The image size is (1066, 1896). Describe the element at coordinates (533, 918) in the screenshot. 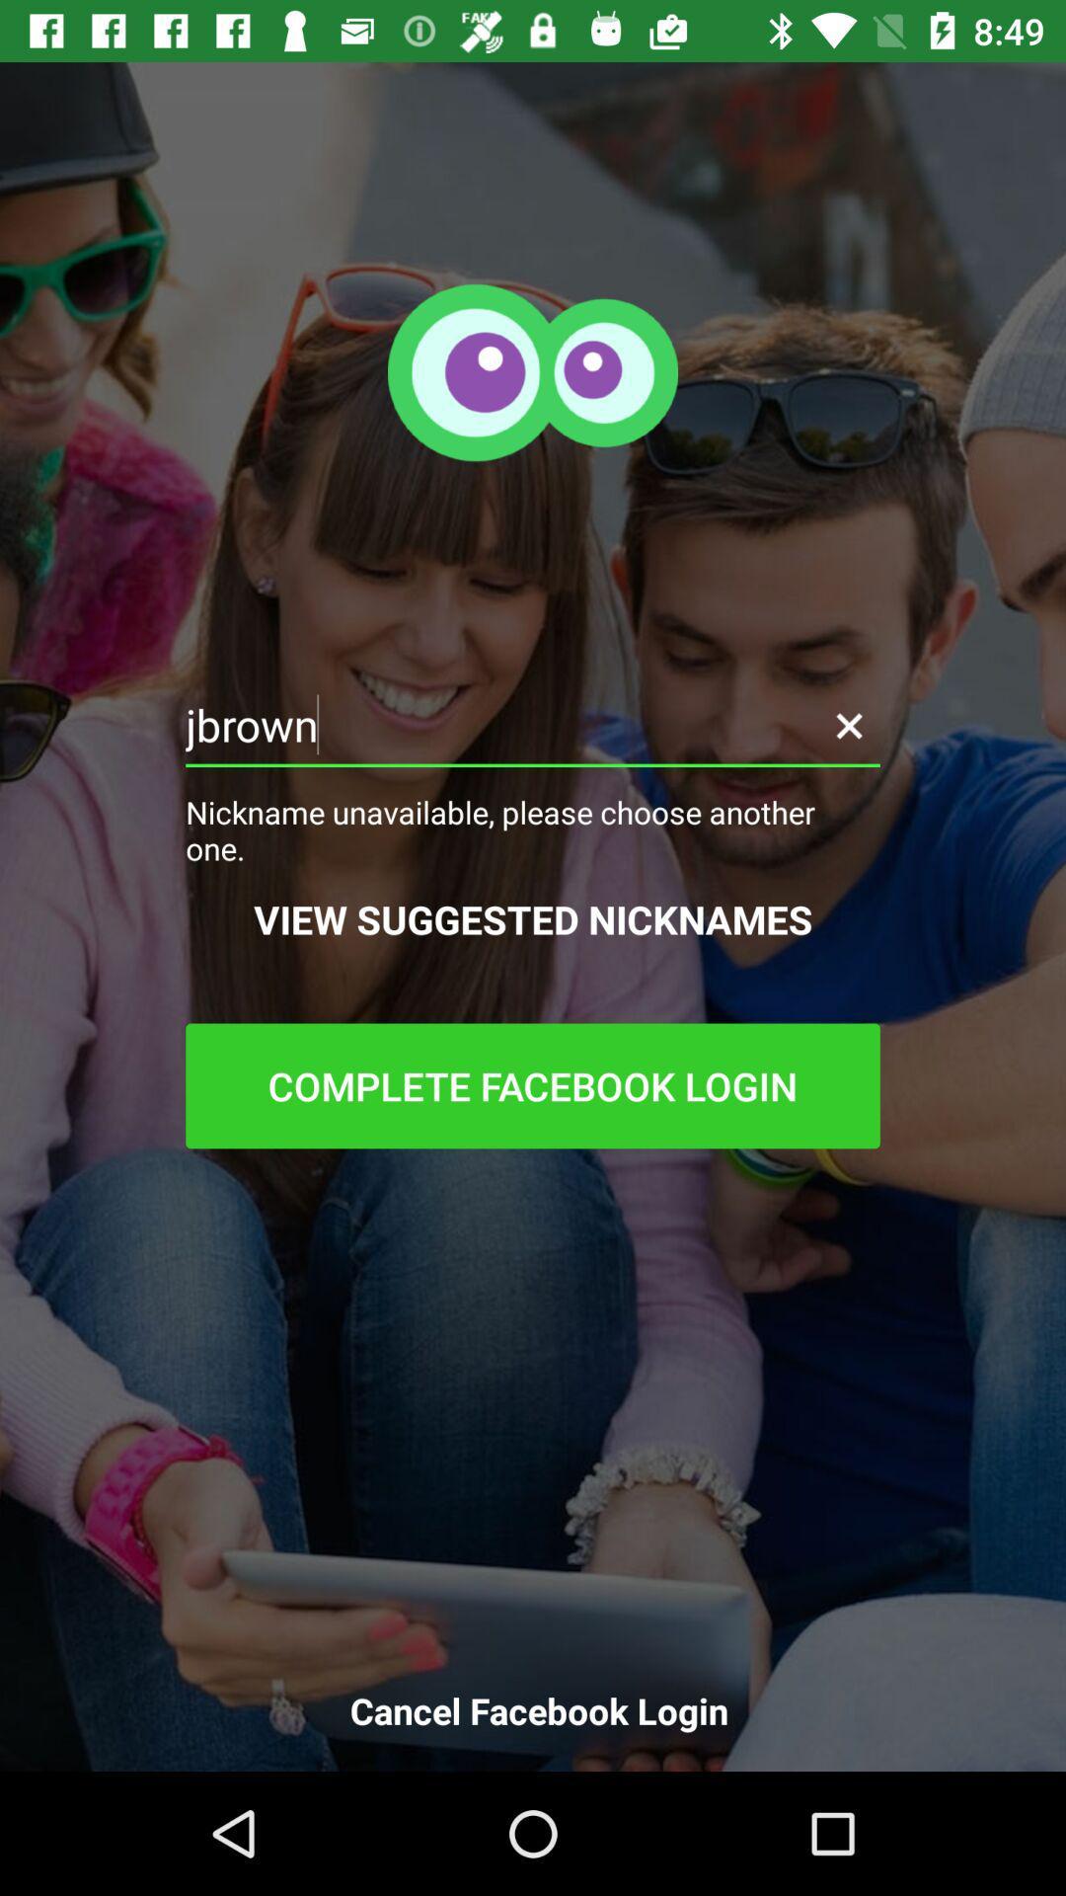

I see `the view suggested nicknames` at that location.